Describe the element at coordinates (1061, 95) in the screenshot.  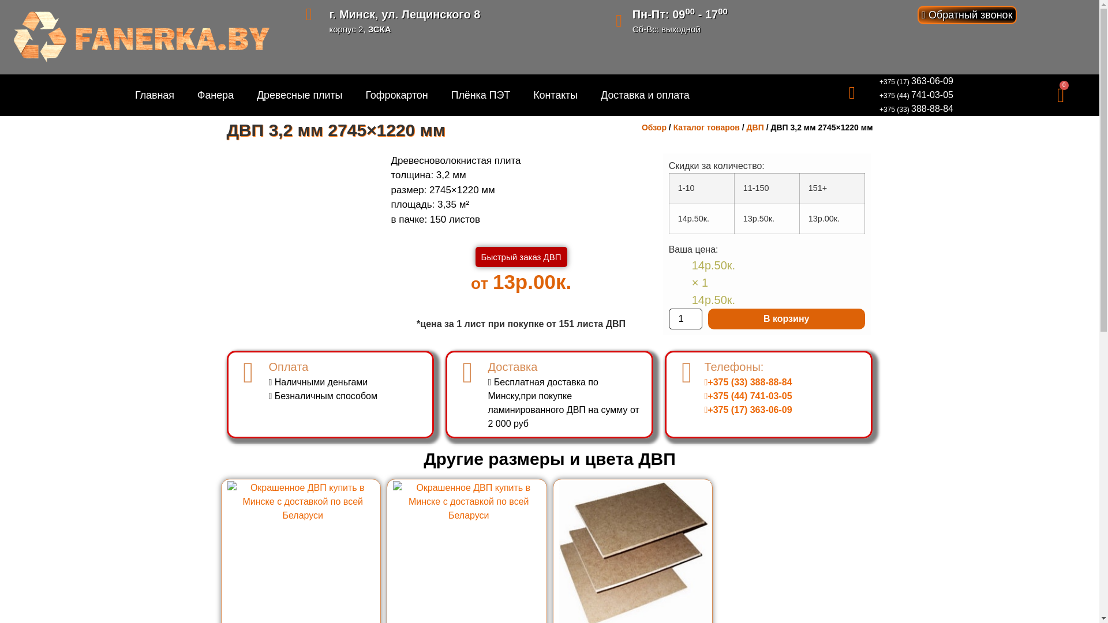
I see `'0'` at that location.